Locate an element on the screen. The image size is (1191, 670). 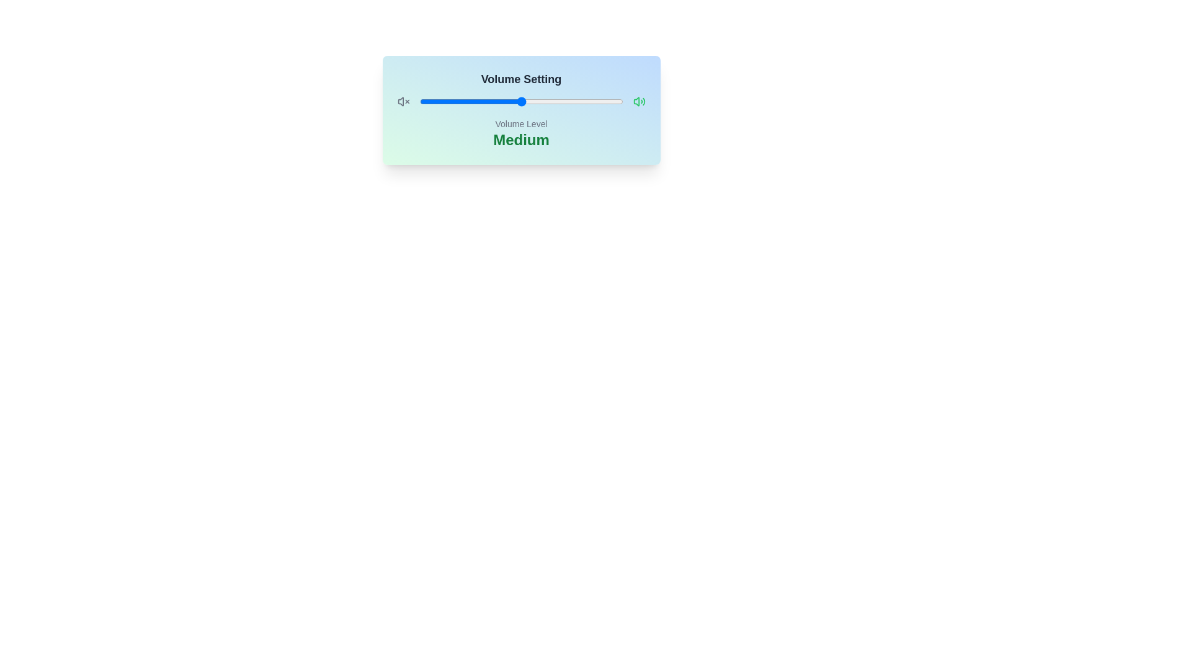
the volume slider to 67% is located at coordinates (555, 101).